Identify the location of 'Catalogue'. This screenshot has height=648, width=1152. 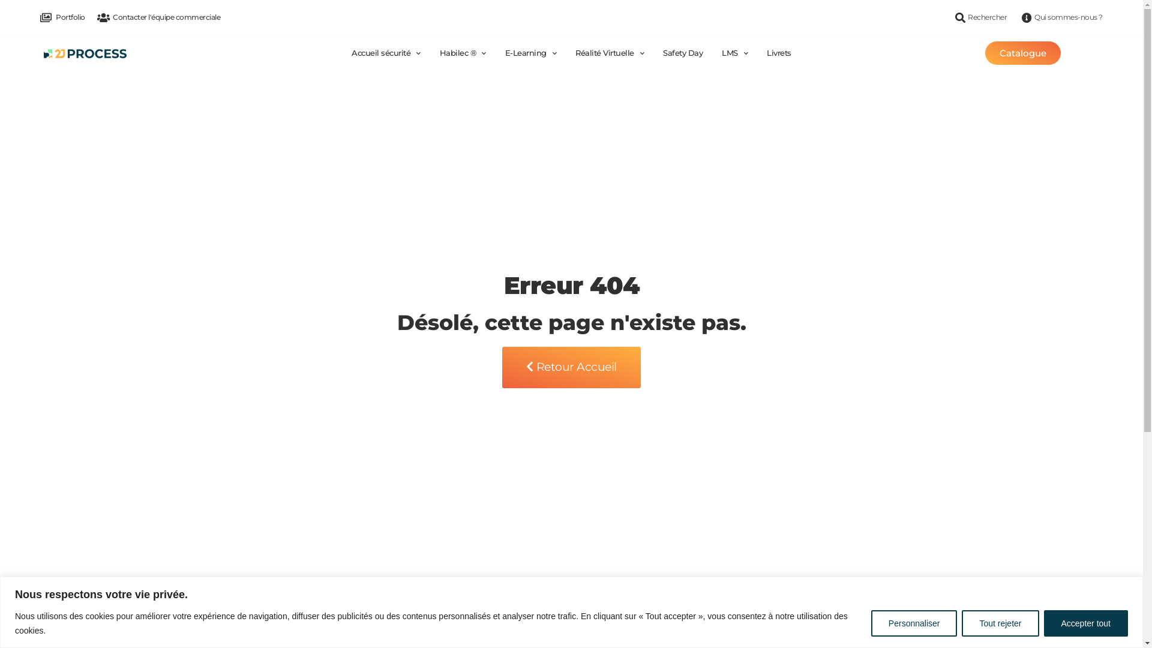
(1022, 52).